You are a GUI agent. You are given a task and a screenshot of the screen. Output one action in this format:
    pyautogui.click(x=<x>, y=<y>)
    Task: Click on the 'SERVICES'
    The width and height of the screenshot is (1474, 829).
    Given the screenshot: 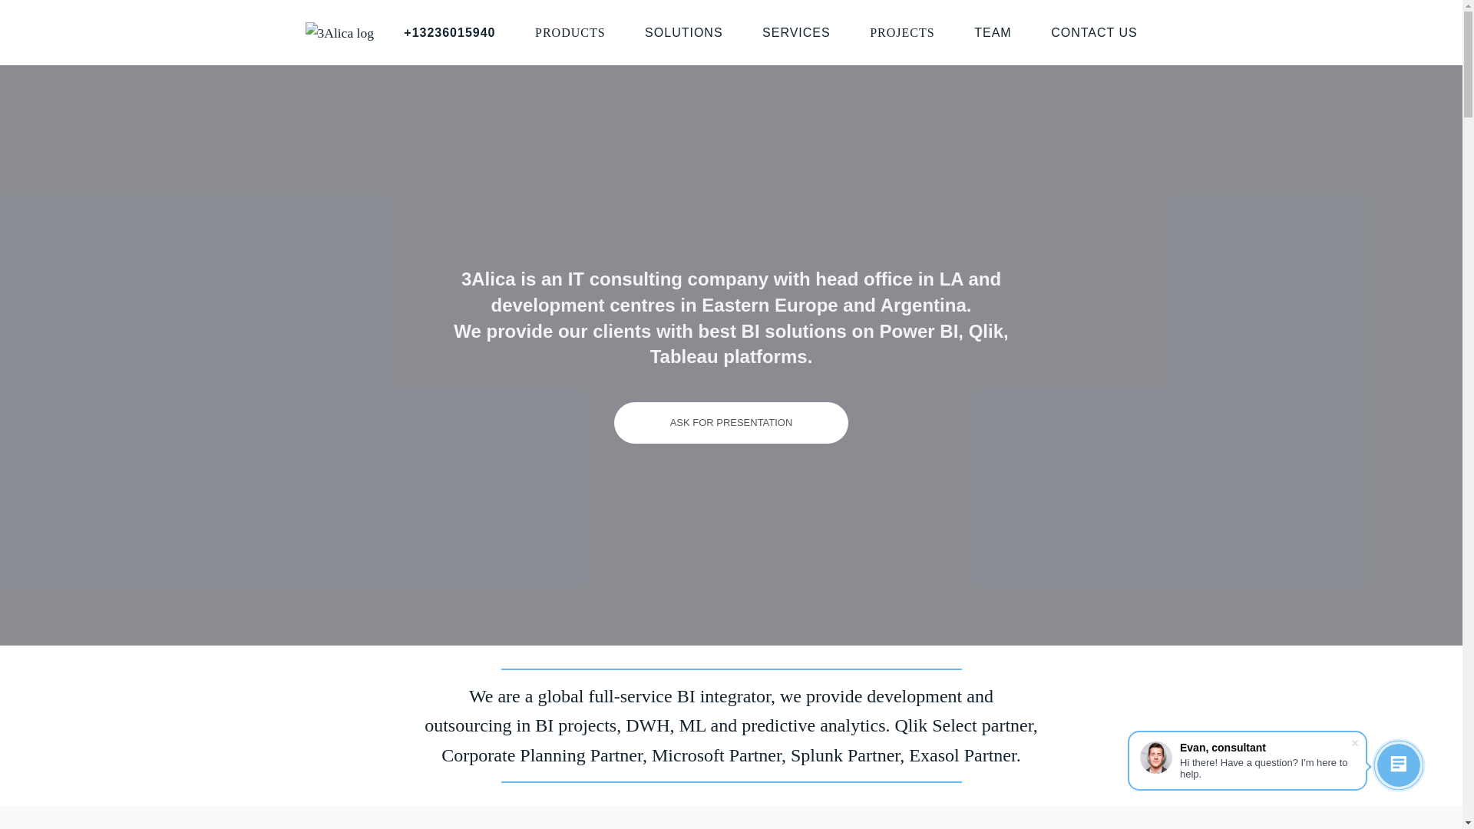 What is the action you would take?
    pyautogui.click(x=762, y=32)
    